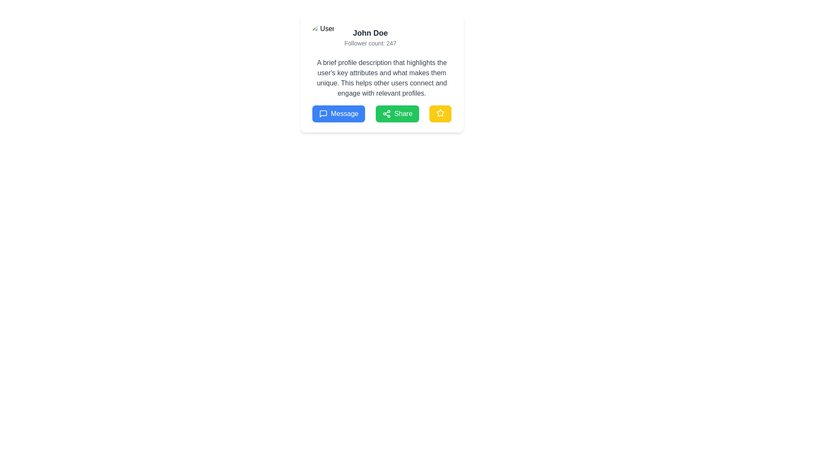 The width and height of the screenshot is (817, 459). Describe the element at coordinates (440, 113) in the screenshot. I see `the yellow rectangular button with rounded corners that contains a white star icon, located to the right of the blue 'Message' button and green 'Share' button` at that location.